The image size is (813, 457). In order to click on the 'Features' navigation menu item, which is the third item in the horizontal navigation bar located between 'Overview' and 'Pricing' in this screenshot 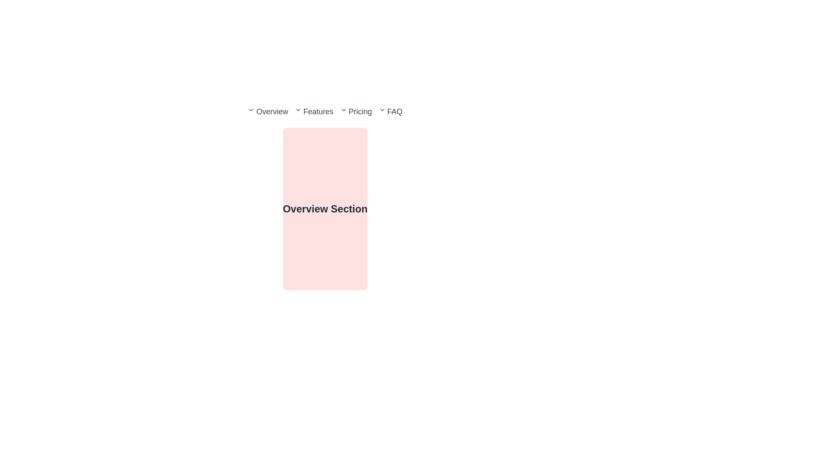, I will do `click(318, 111)`.